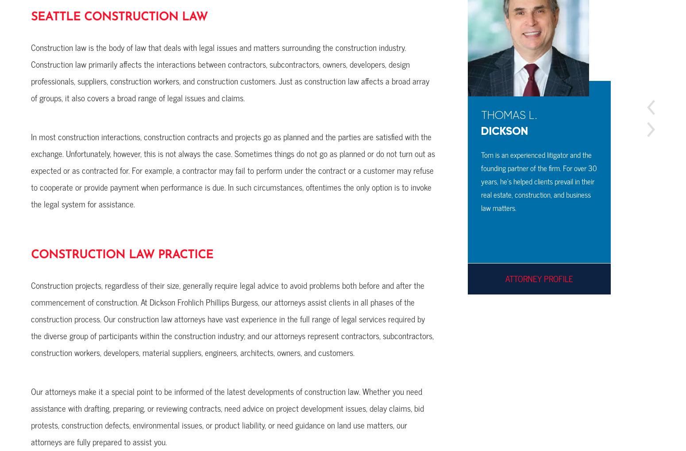  Describe the element at coordinates (227, 416) in the screenshot. I see `'Our attorneys make it a special point to be informed of the latest developments of construction law. Whether you need assistance with drafting, preparing, or reviewing contracts, need advice on project development issues, delay claims, bid protests, construction defects, environmental issues, or product liability, or need guidance on land use matters, our attorneys are fully prepared to assist you.'` at that location.